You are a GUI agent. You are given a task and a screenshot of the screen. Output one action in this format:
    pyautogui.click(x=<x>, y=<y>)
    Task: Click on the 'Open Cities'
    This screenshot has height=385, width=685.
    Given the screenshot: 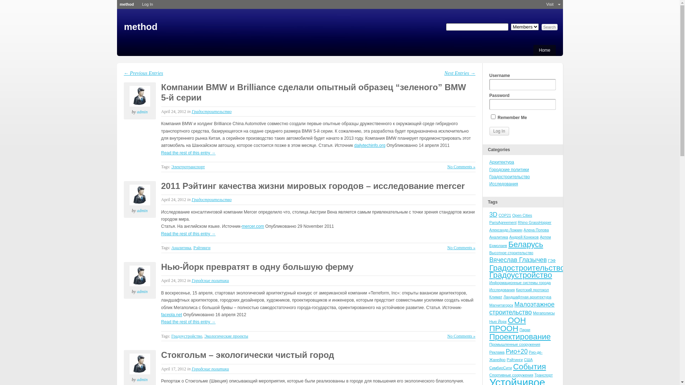 What is the action you would take?
    pyautogui.click(x=512, y=215)
    